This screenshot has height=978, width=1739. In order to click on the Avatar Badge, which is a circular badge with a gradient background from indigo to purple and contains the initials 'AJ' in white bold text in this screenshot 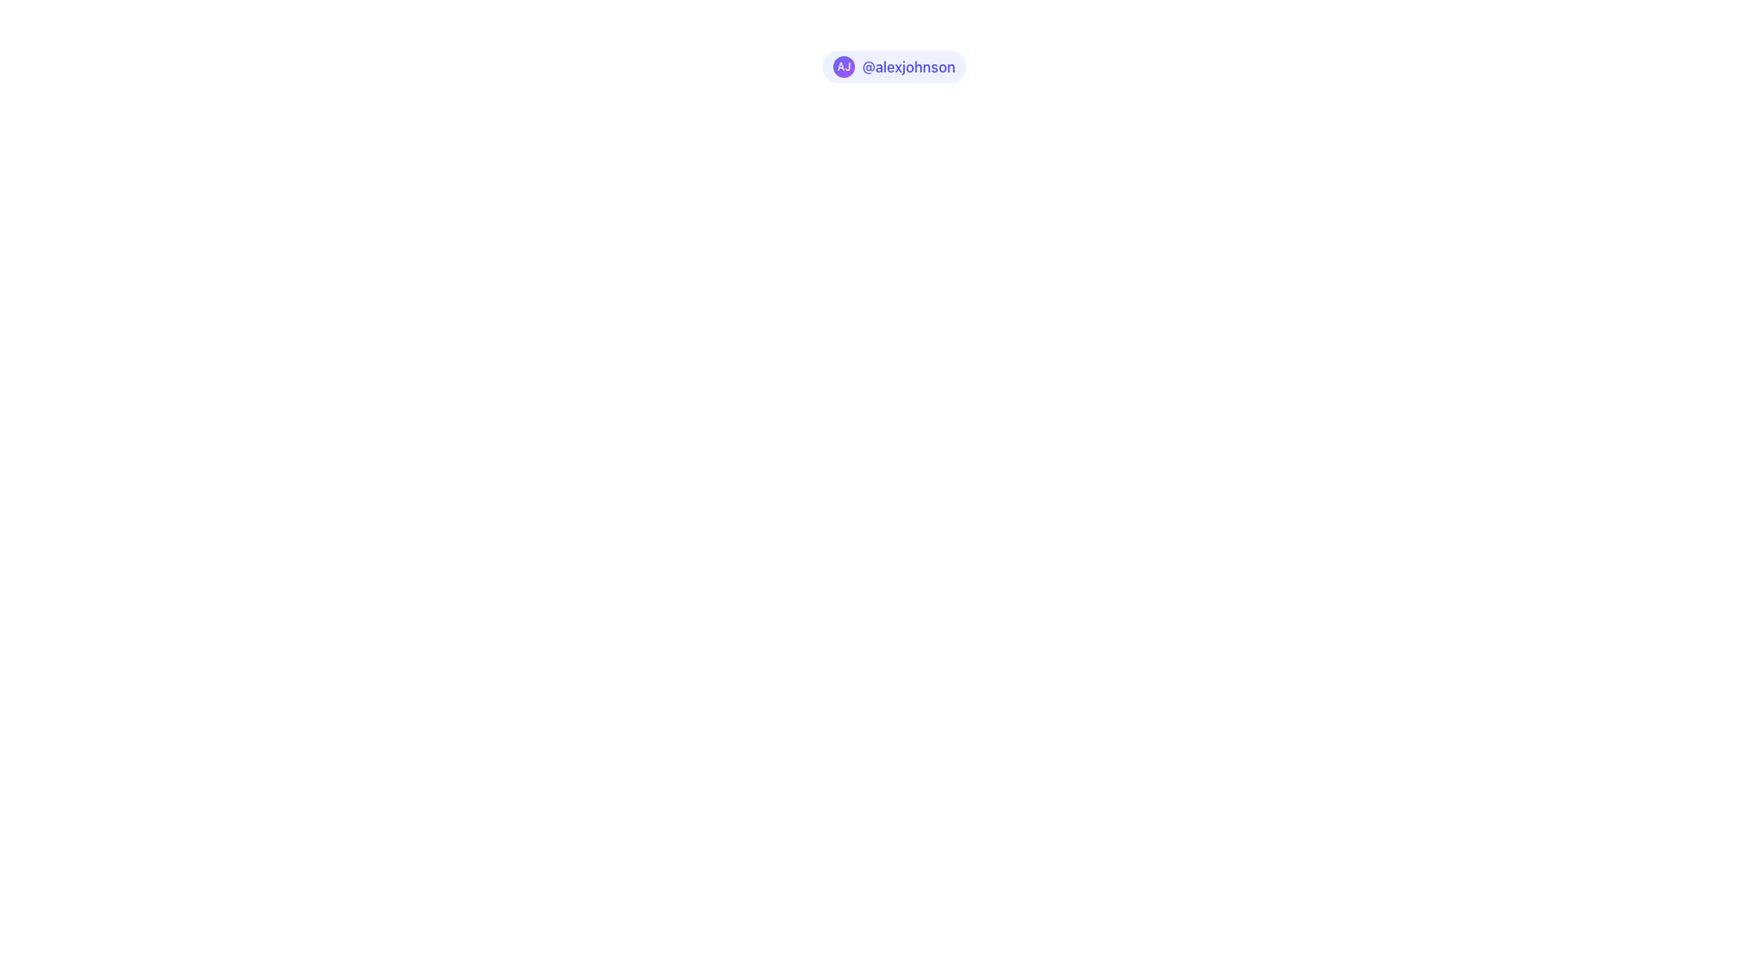, I will do `click(843, 65)`.